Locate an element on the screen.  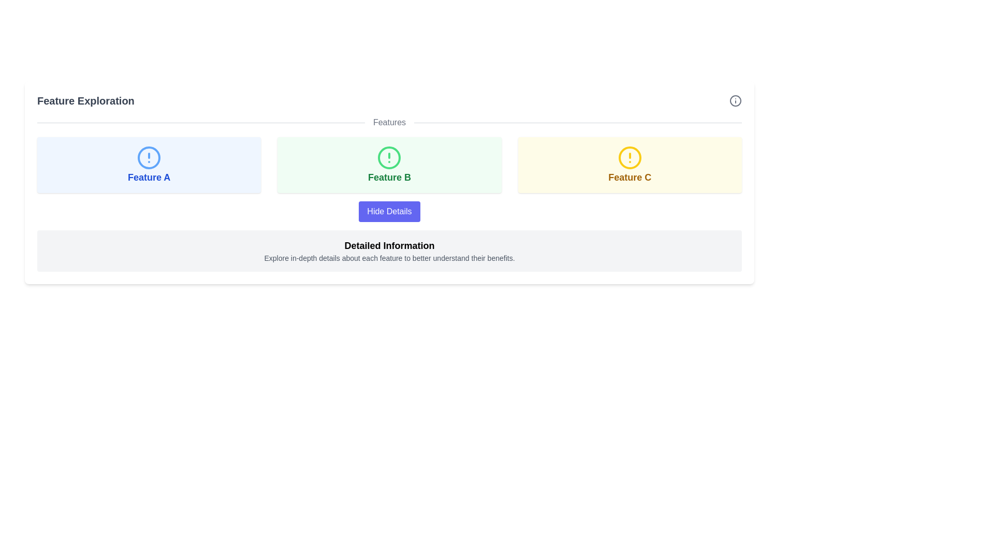
the Feature card labeled 'Feature B' located in the middle column of the grid layout, positioned below the 'Features' header and above the 'Hide Details' button is located at coordinates (389, 165).